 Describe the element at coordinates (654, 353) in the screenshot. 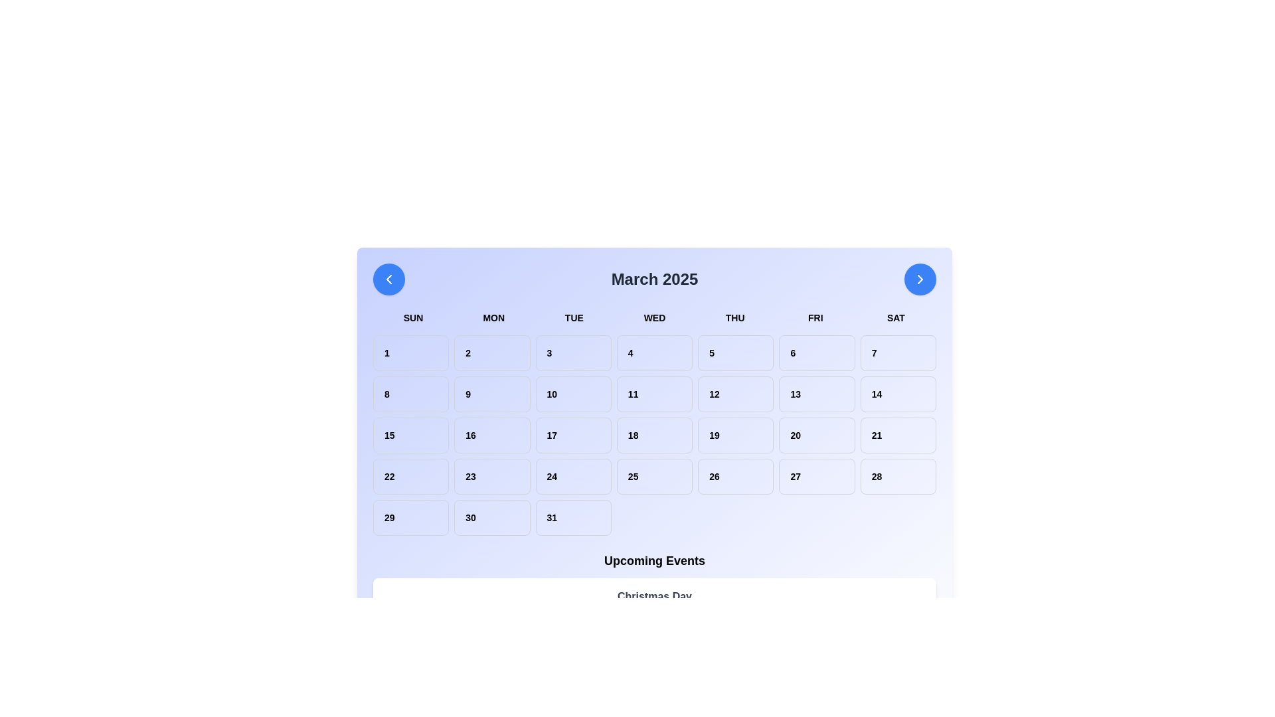

I see `the date number '4' inside the calendar cell for Wednesday, March 4th` at that location.